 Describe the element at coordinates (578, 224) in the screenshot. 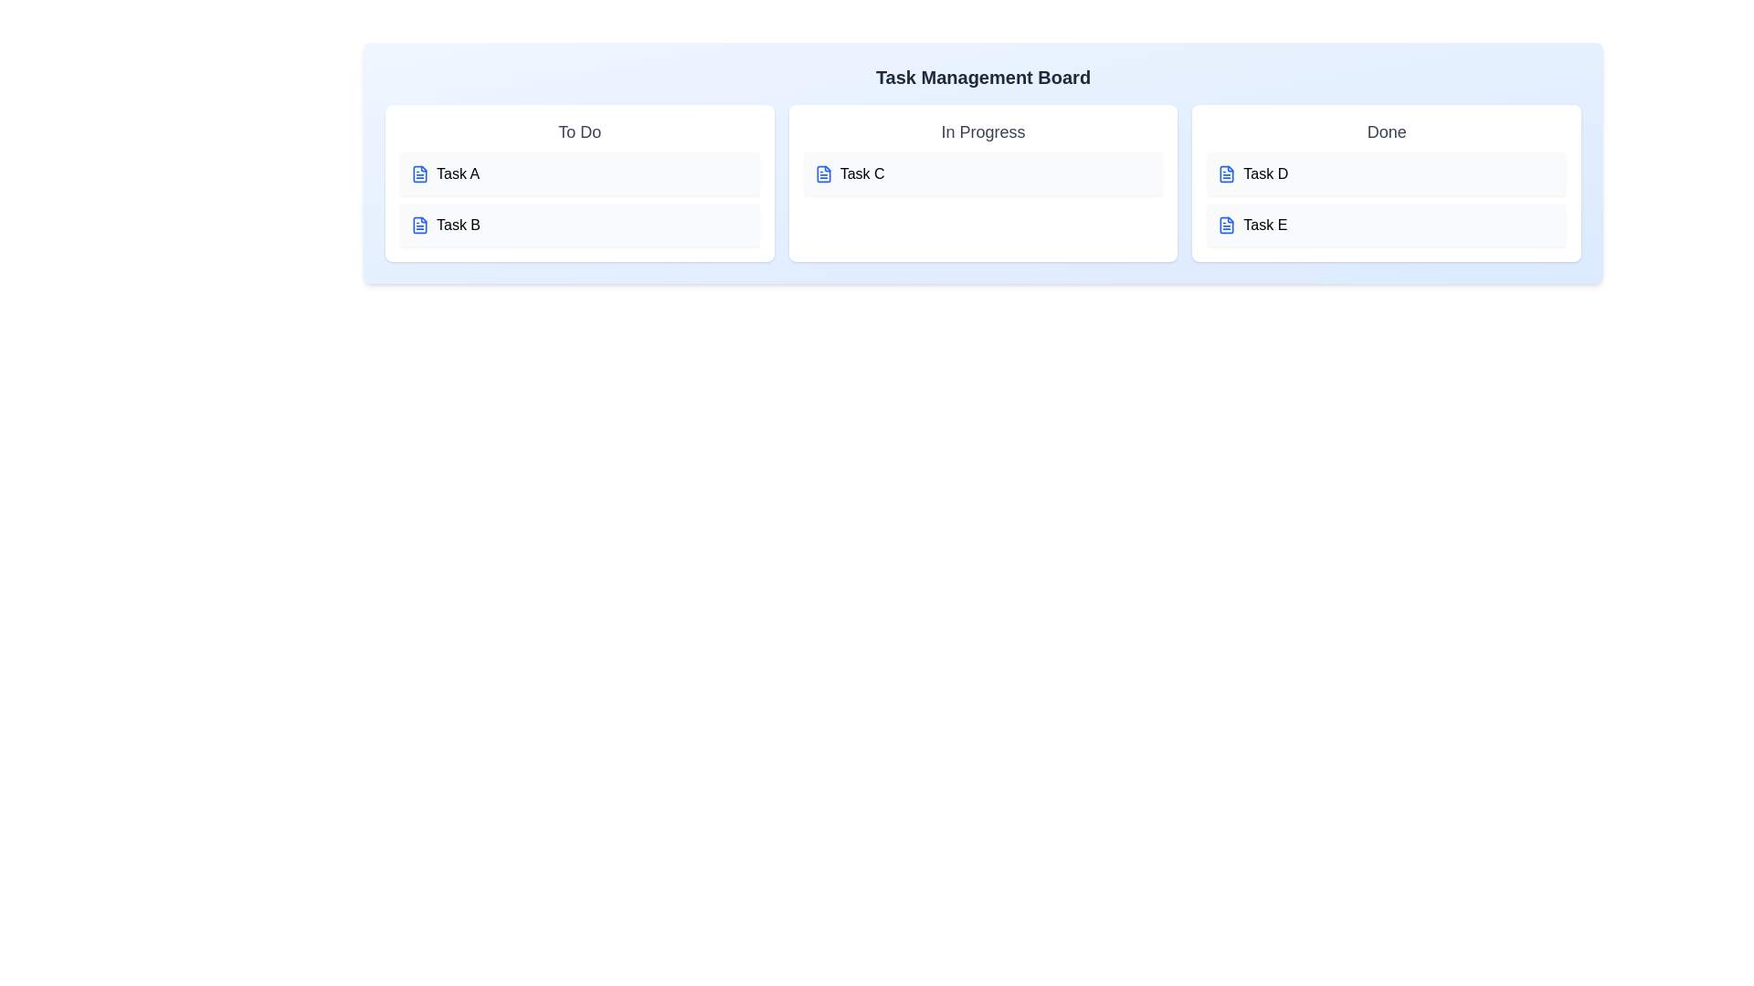

I see `the task Task B to edit its title` at that location.